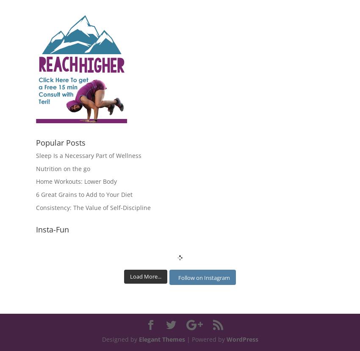 This screenshot has width=360, height=351. I want to click on 'Consistency: The Value of Self-Discipline', so click(93, 207).